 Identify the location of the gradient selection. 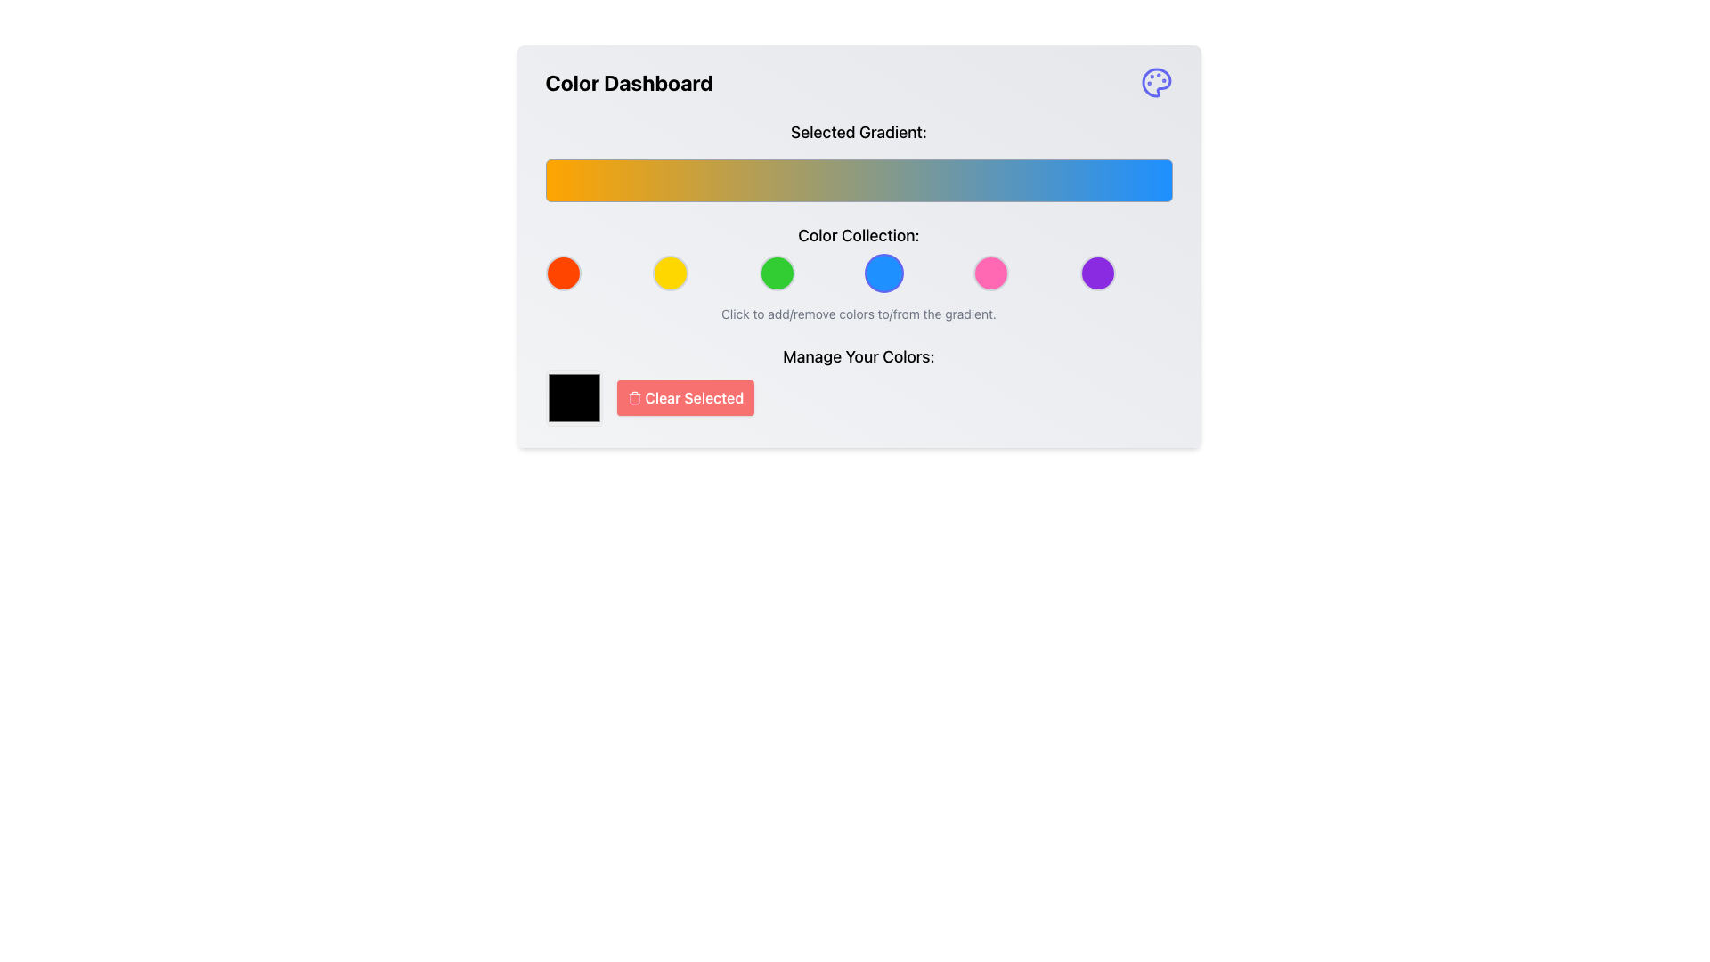
(902, 181).